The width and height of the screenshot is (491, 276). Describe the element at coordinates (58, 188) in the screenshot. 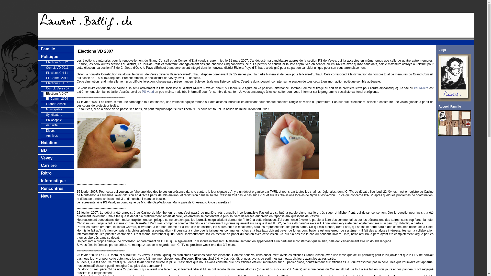

I see `'Rencontres'` at that location.